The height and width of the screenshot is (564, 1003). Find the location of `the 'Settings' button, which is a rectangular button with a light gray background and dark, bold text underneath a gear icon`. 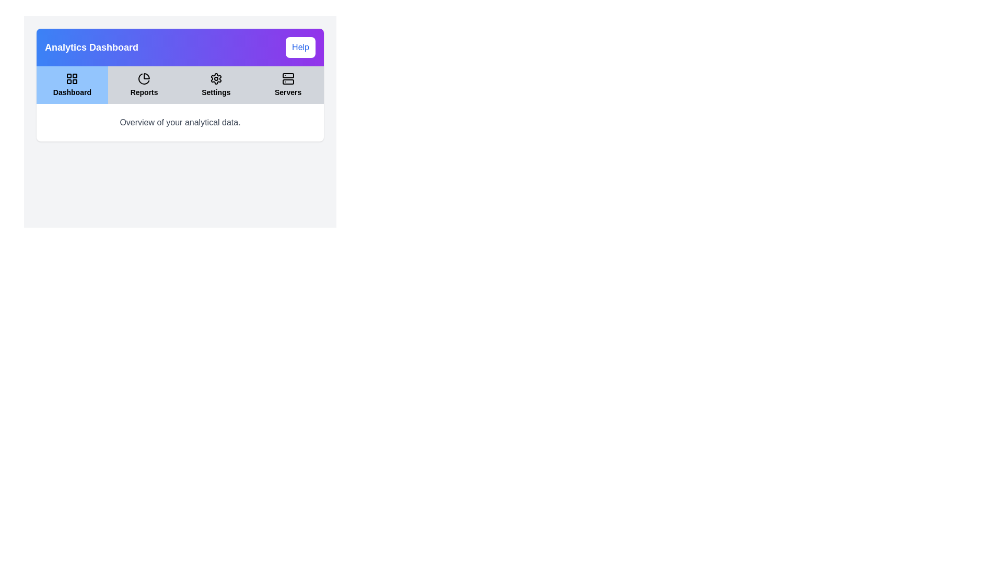

the 'Settings' button, which is a rectangular button with a light gray background and dark, bold text underneath a gear icon is located at coordinates (215, 84).